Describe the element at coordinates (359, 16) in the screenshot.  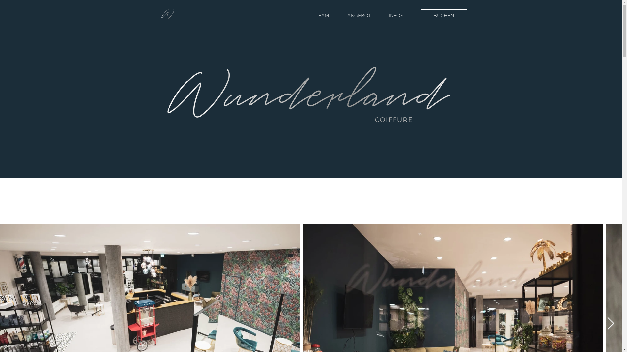
I see `'ANGEBOT'` at that location.